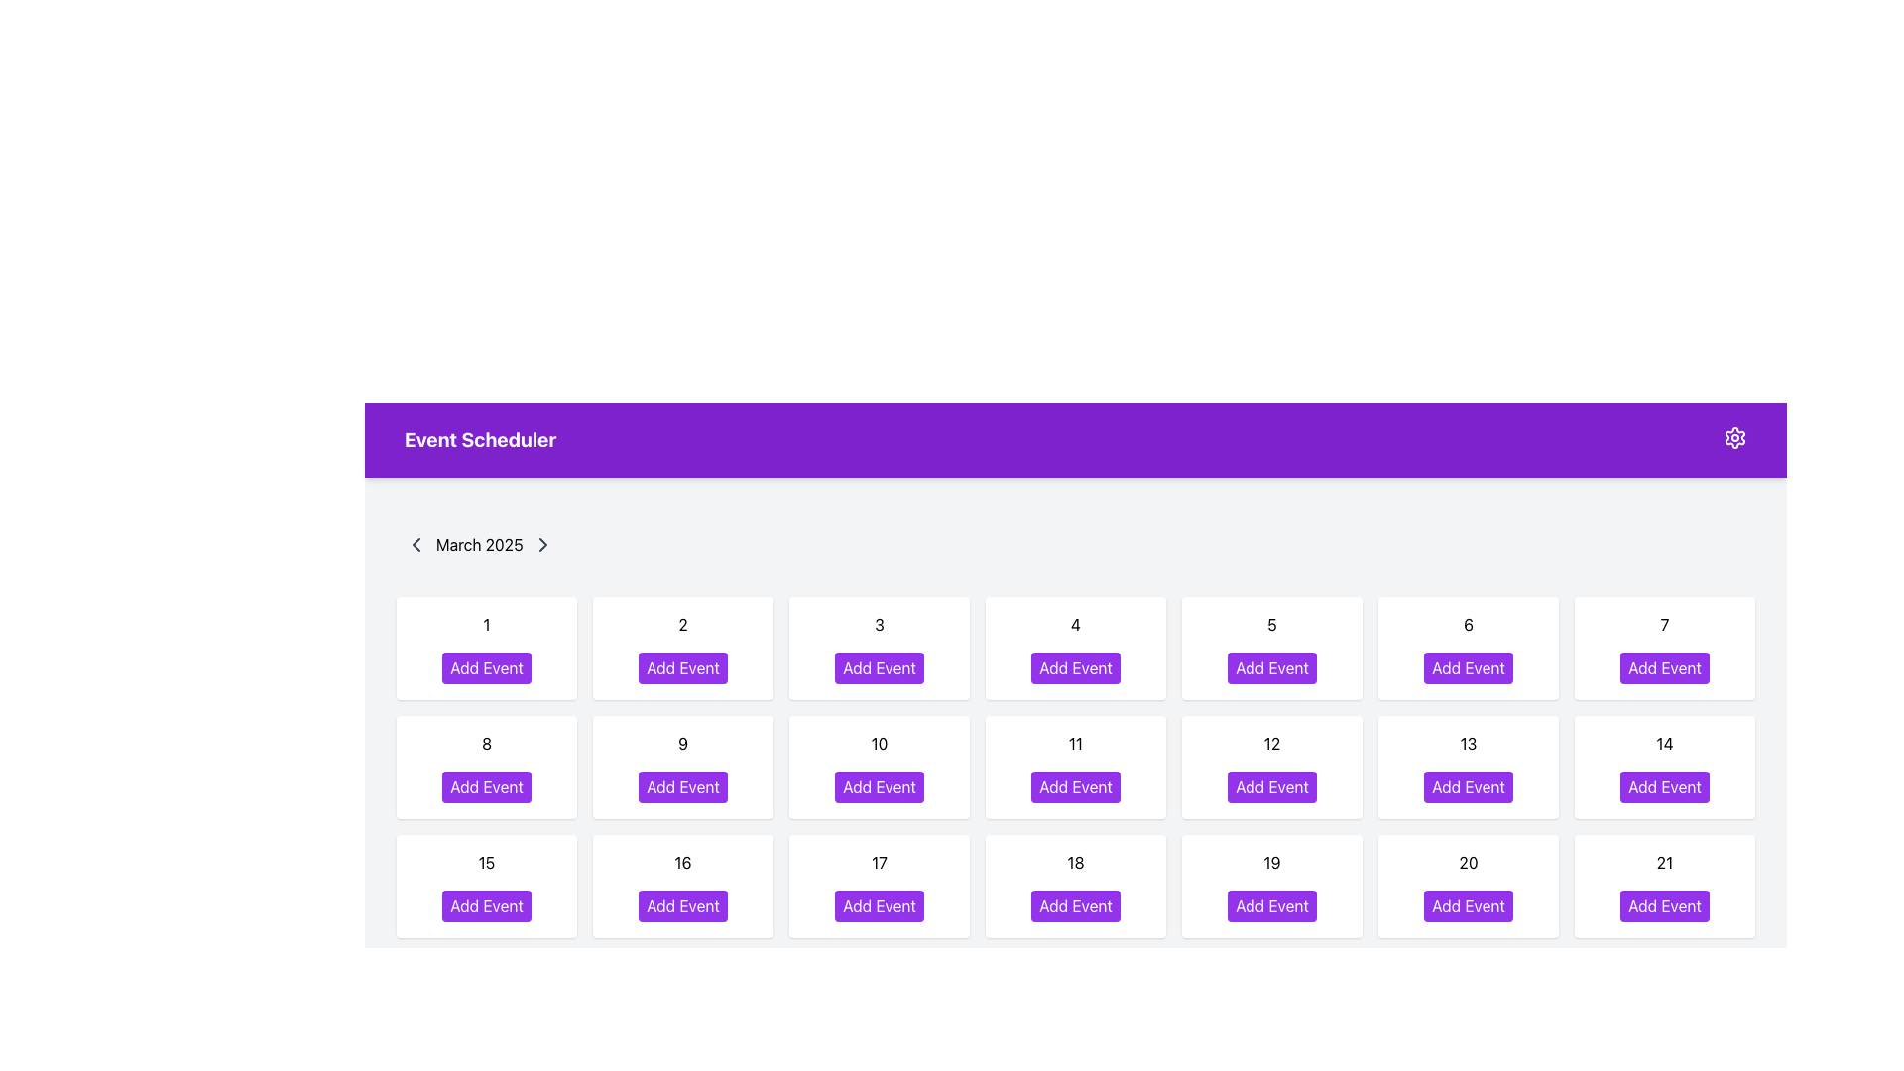 Image resolution: width=1904 pixels, height=1071 pixels. What do you see at coordinates (1469, 668) in the screenshot?
I see `the button located in the sixth cell of the first row in the calendar layout` at bounding box center [1469, 668].